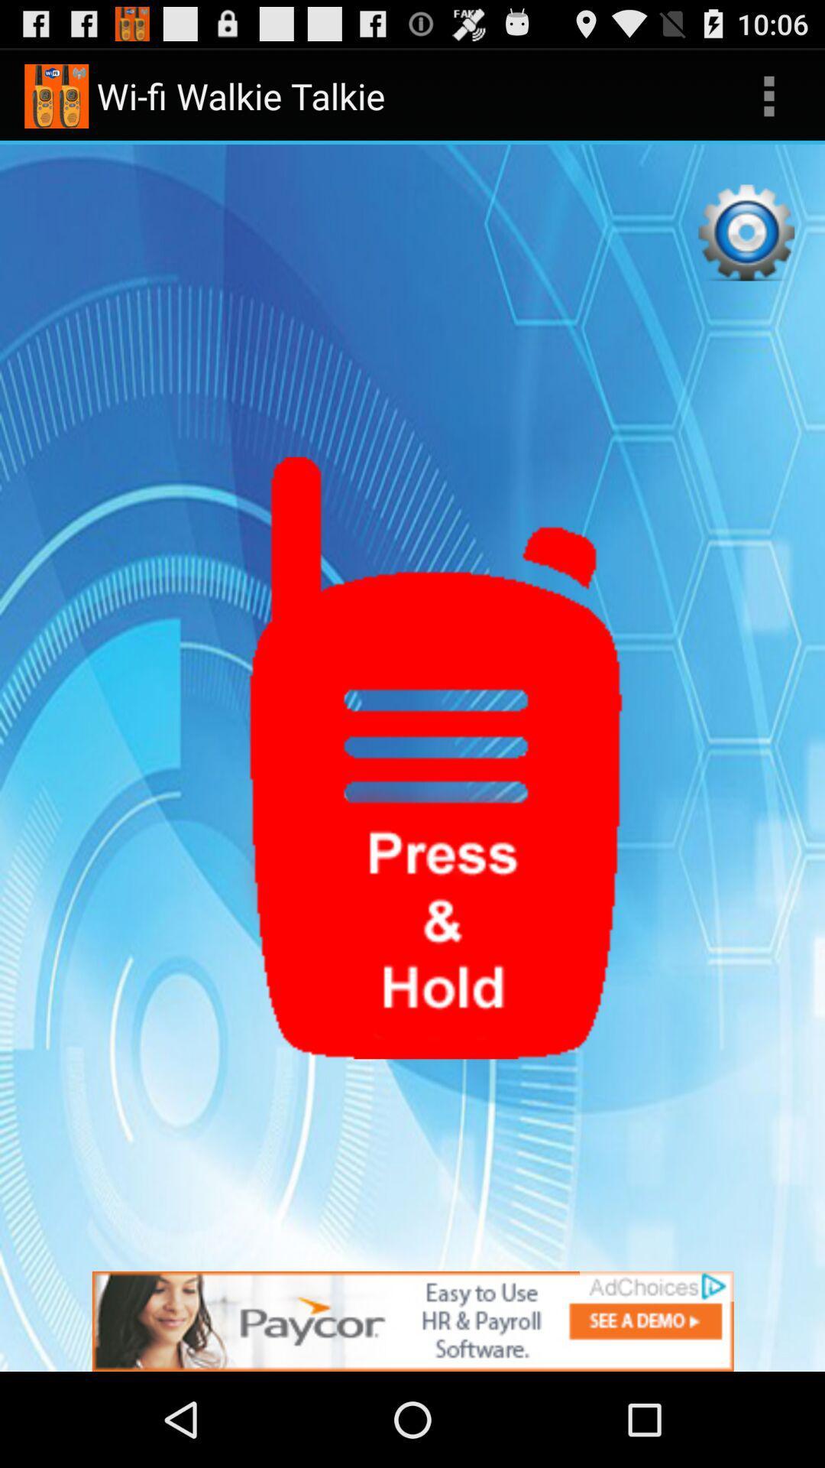  What do you see at coordinates (412, 1320) in the screenshot?
I see `advertisement option` at bounding box center [412, 1320].